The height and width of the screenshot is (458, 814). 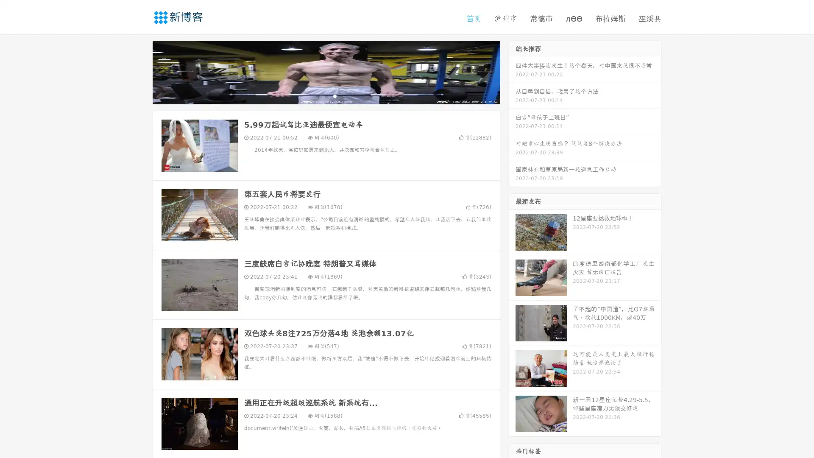 What do you see at coordinates (326, 95) in the screenshot?
I see `Go to slide 2` at bounding box center [326, 95].